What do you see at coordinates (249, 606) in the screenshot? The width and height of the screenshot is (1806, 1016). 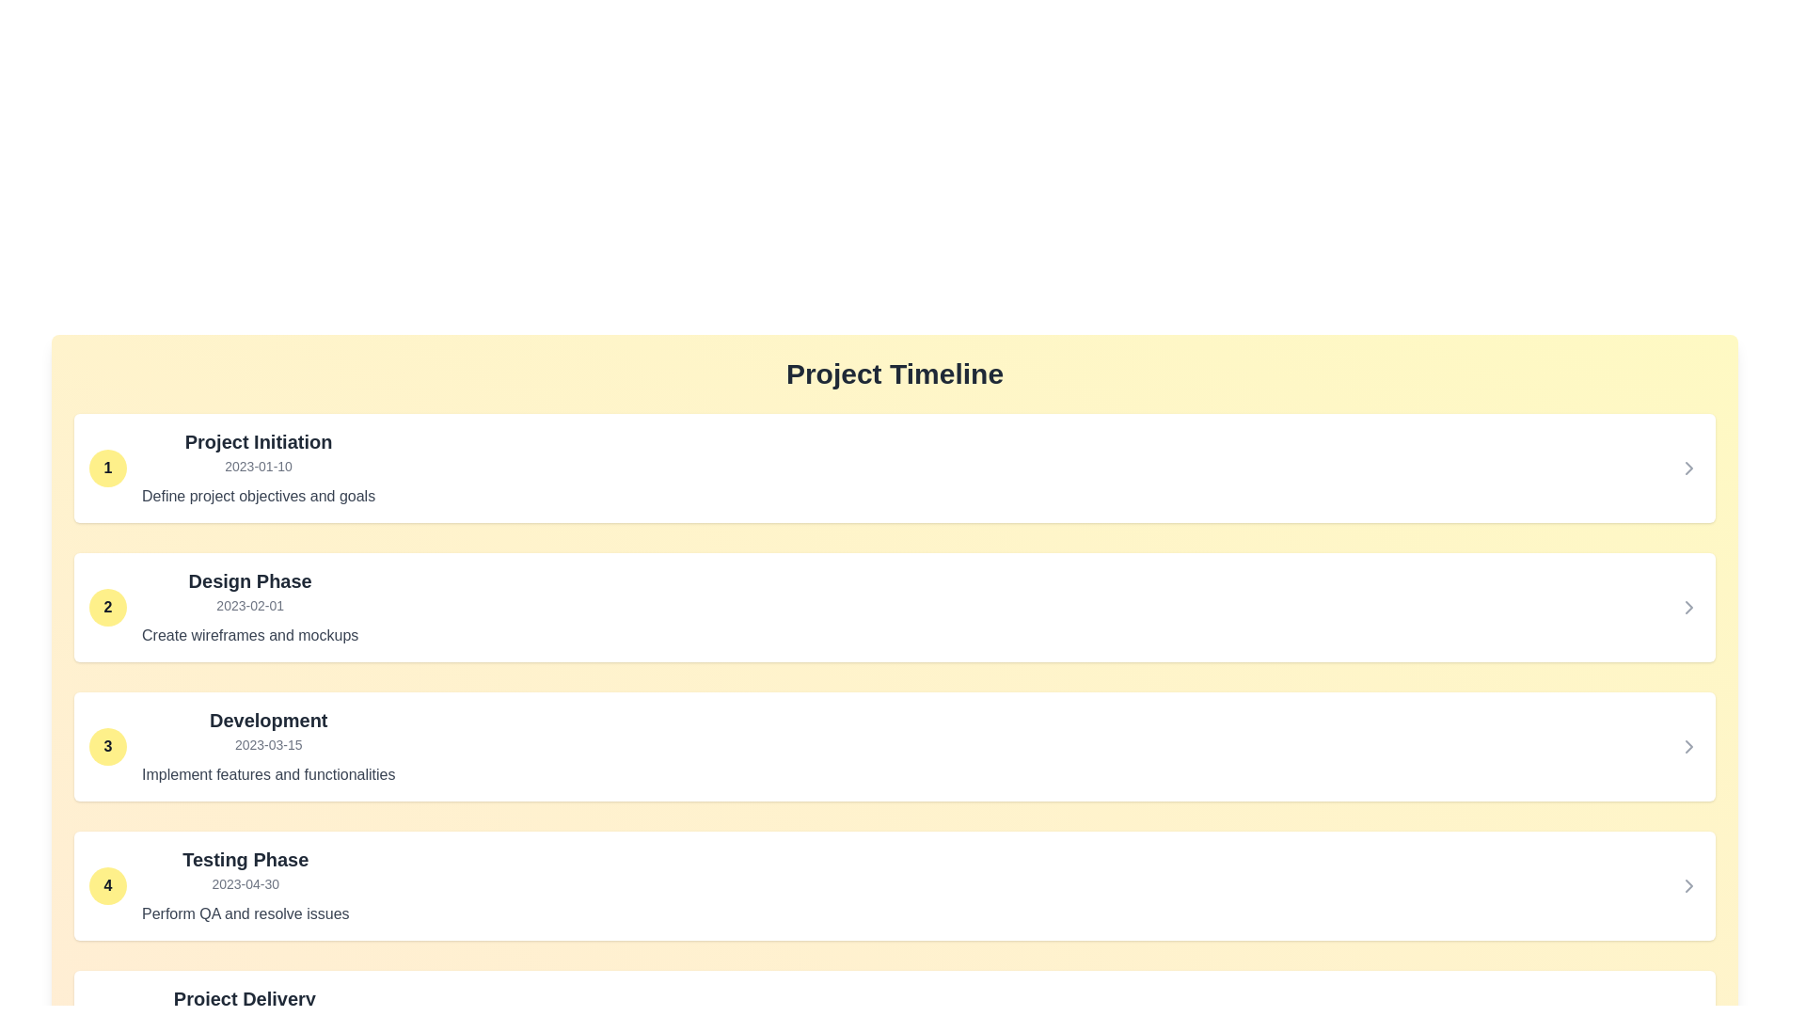 I see `the static text label displaying the date related to the 'Design Phase' task in the timeline, which is centered beneath the main title and above the description` at bounding box center [249, 606].